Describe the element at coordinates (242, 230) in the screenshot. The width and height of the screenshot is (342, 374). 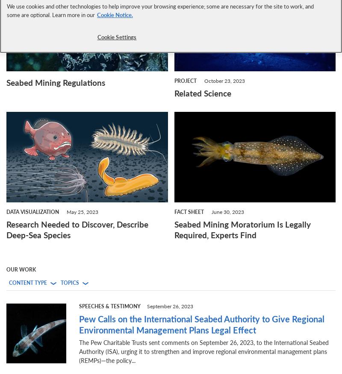
I see `'Seabed Mining Moratorium Is Legally Required, Experts Find'` at that location.